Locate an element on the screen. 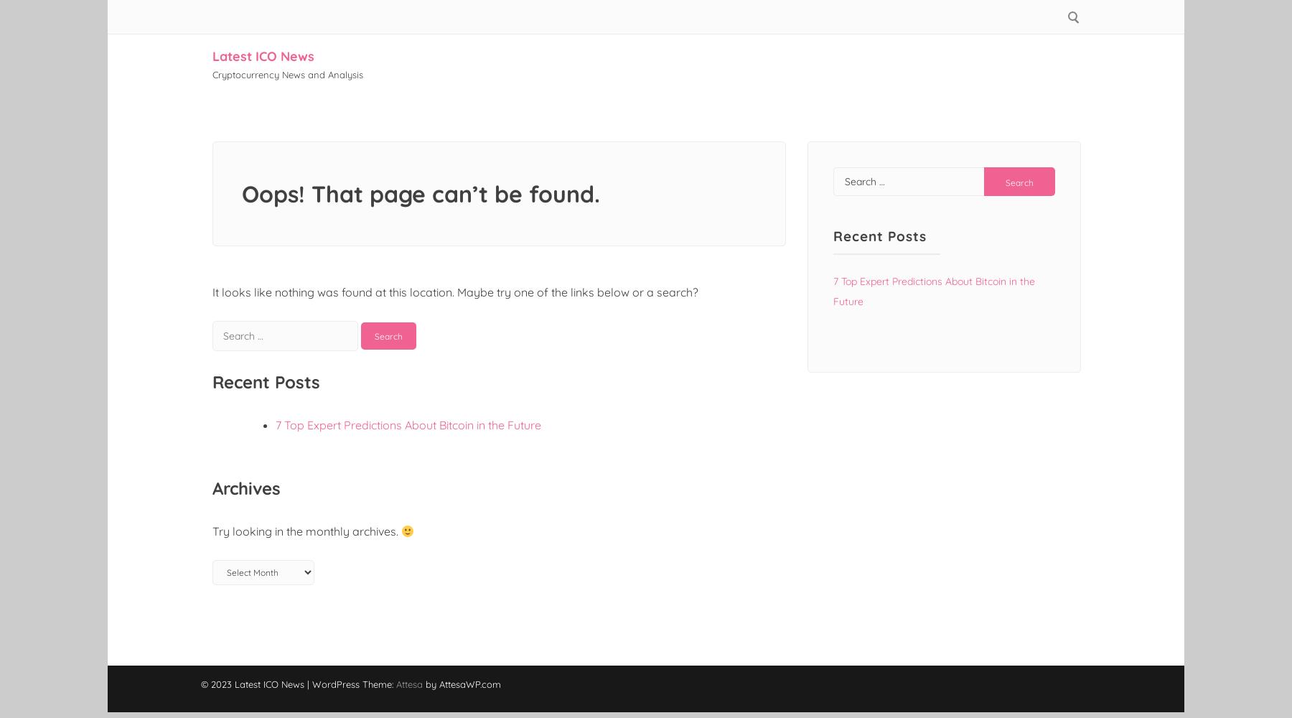 The width and height of the screenshot is (1292, 718). '|' is located at coordinates (309, 684).